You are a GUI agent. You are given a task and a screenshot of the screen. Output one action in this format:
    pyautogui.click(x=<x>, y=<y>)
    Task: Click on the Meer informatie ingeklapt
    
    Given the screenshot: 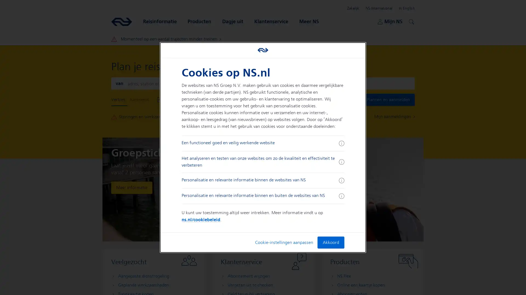 What is the action you would take?
    pyautogui.click(x=341, y=143)
    